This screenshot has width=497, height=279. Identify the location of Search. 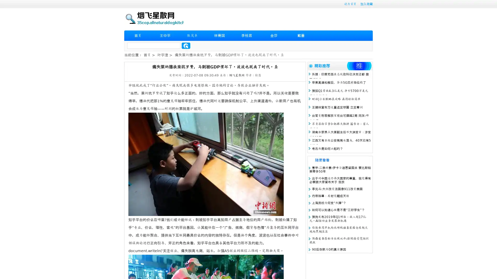
(186, 45).